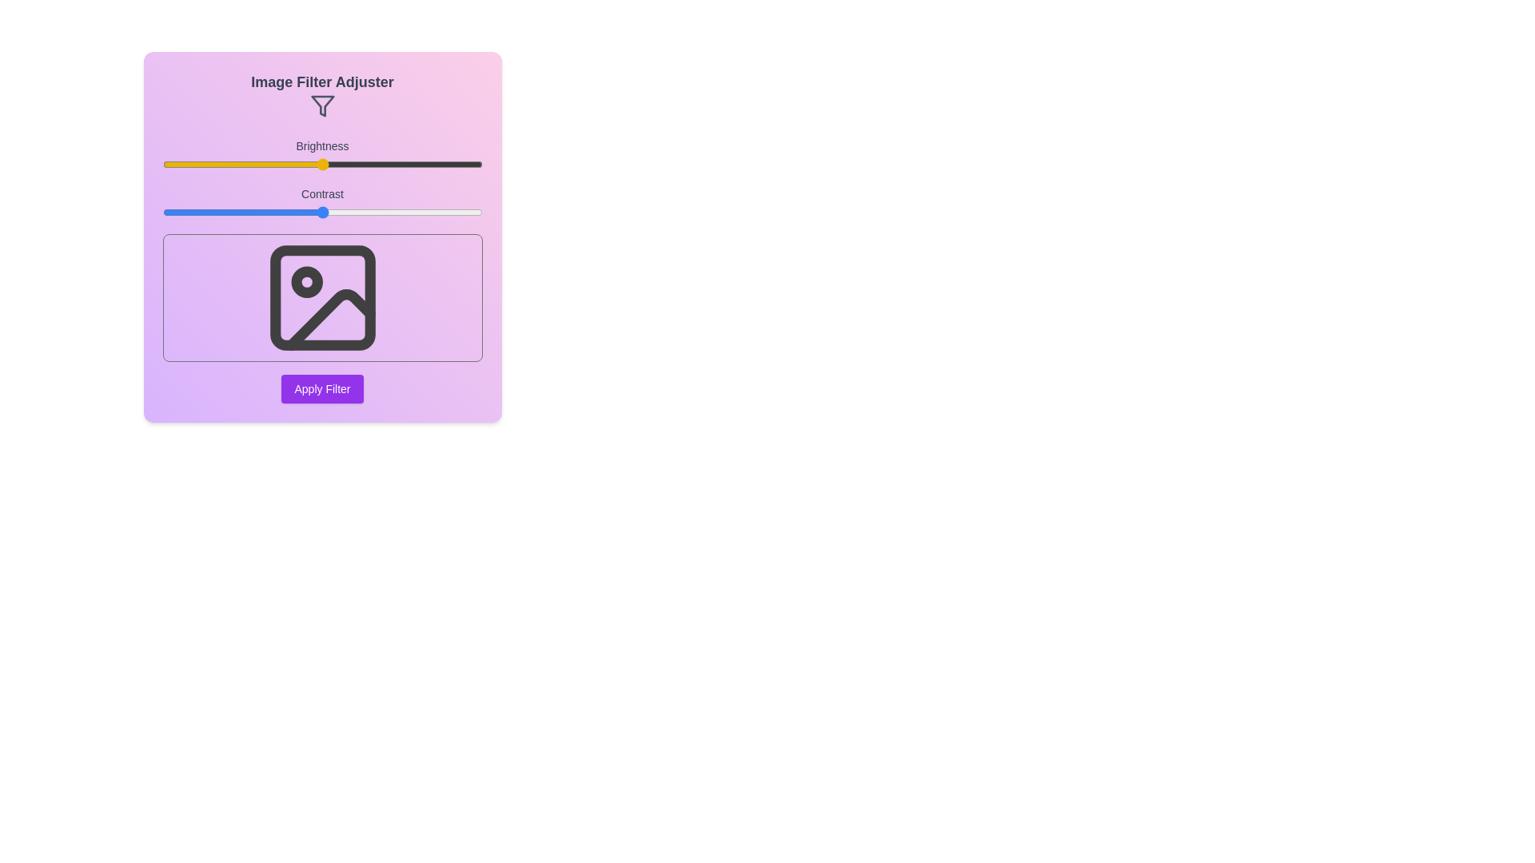 The image size is (1535, 863). What do you see at coordinates (175, 164) in the screenshot?
I see `the brightness slider to 4%` at bounding box center [175, 164].